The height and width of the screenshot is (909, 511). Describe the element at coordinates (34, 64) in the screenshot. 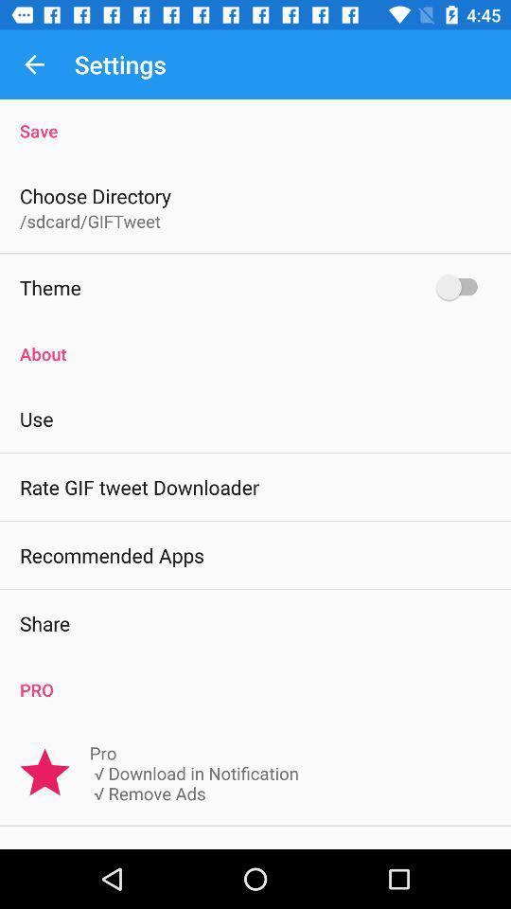

I see `item above the save` at that location.